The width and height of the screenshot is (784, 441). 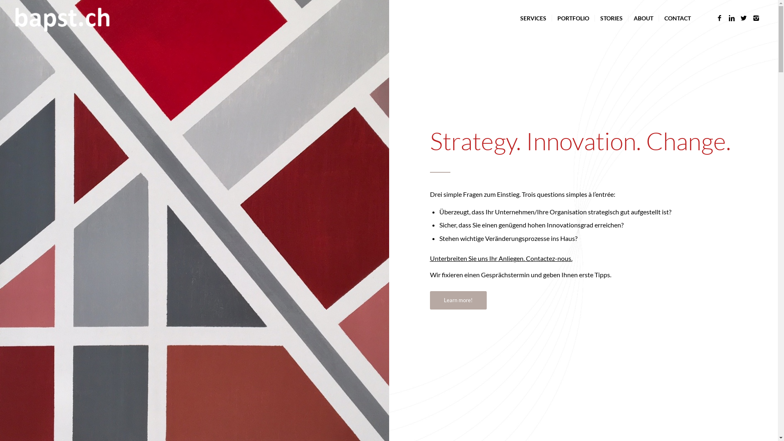 I want to click on 'Twitter', so click(x=737, y=18).